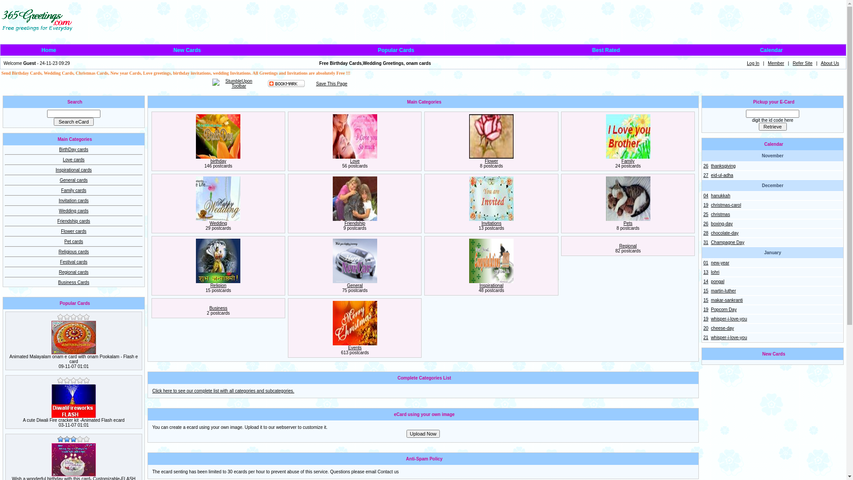 This screenshot has height=480, width=853. What do you see at coordinates (218, 308) in the screenshot?
I see `'Business'` at bounding box center [218, 308].